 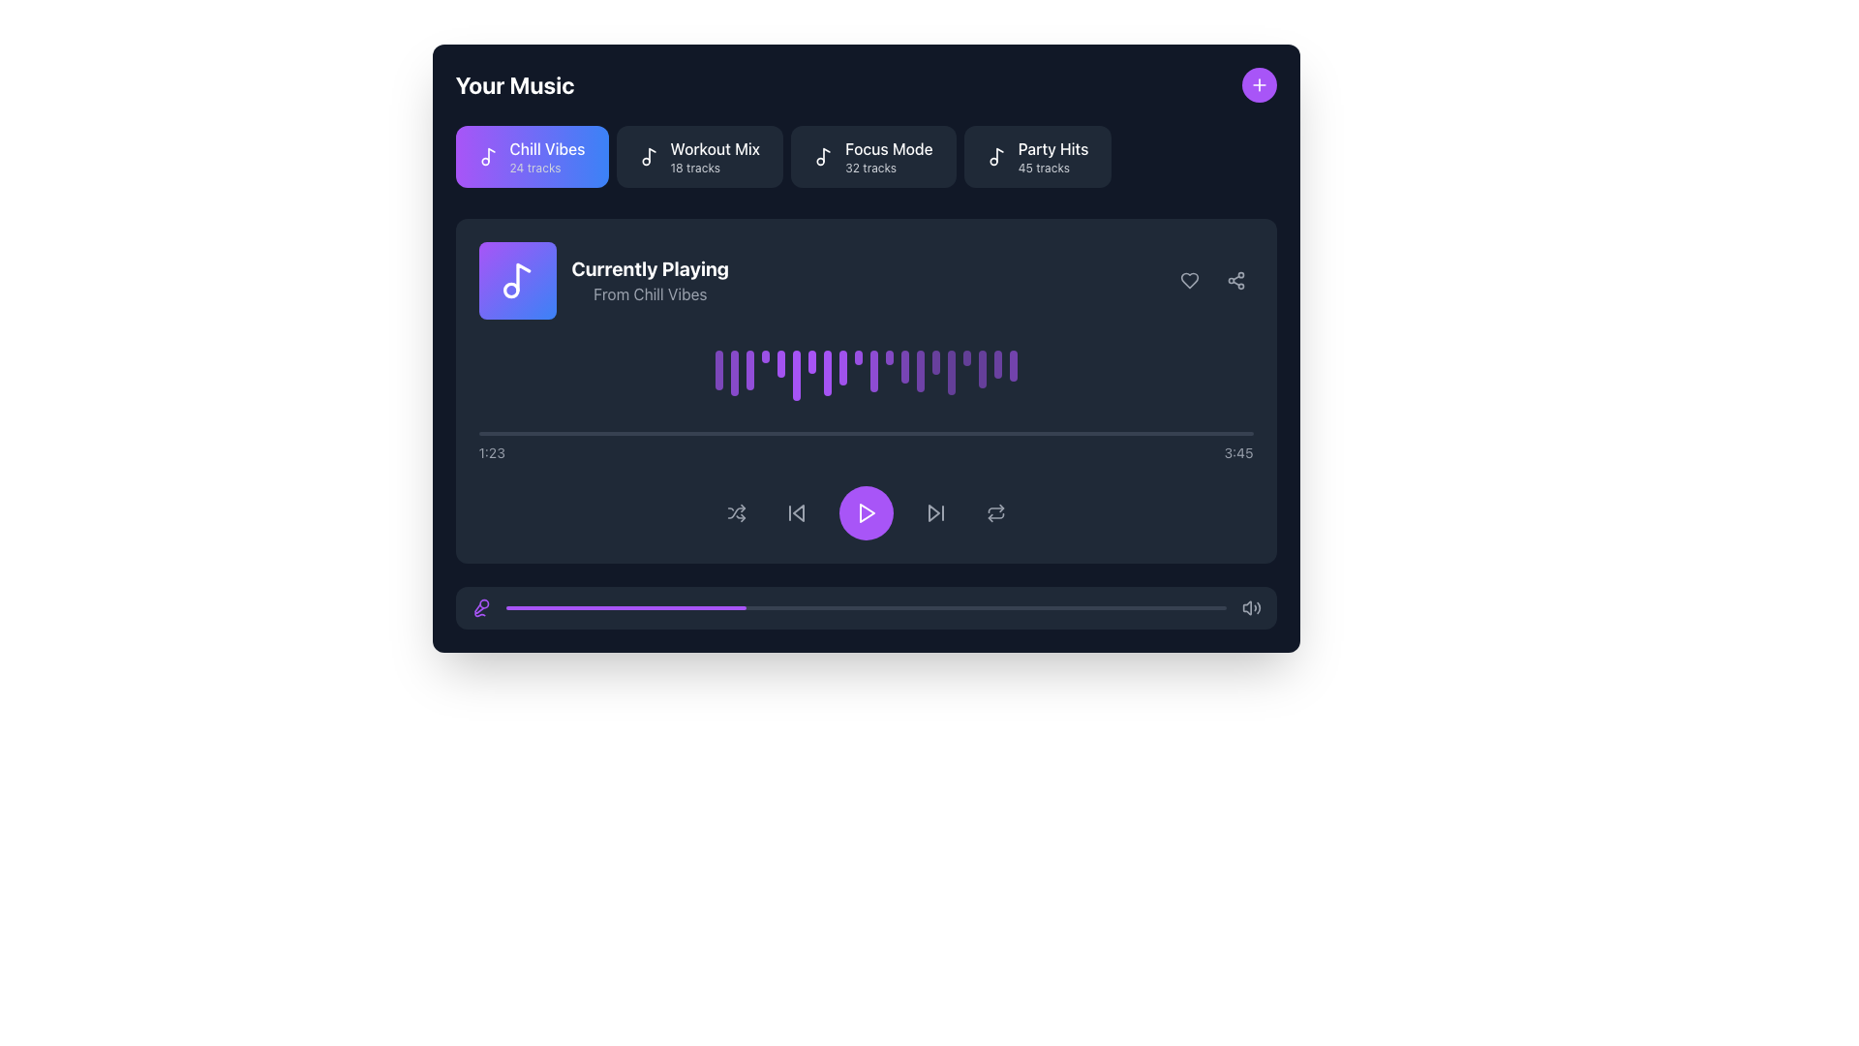 I want to click on the circular purple play button with a white triangle icon at the bottom section of the music player interface to play or pause the music, so click(x=865, y=512).